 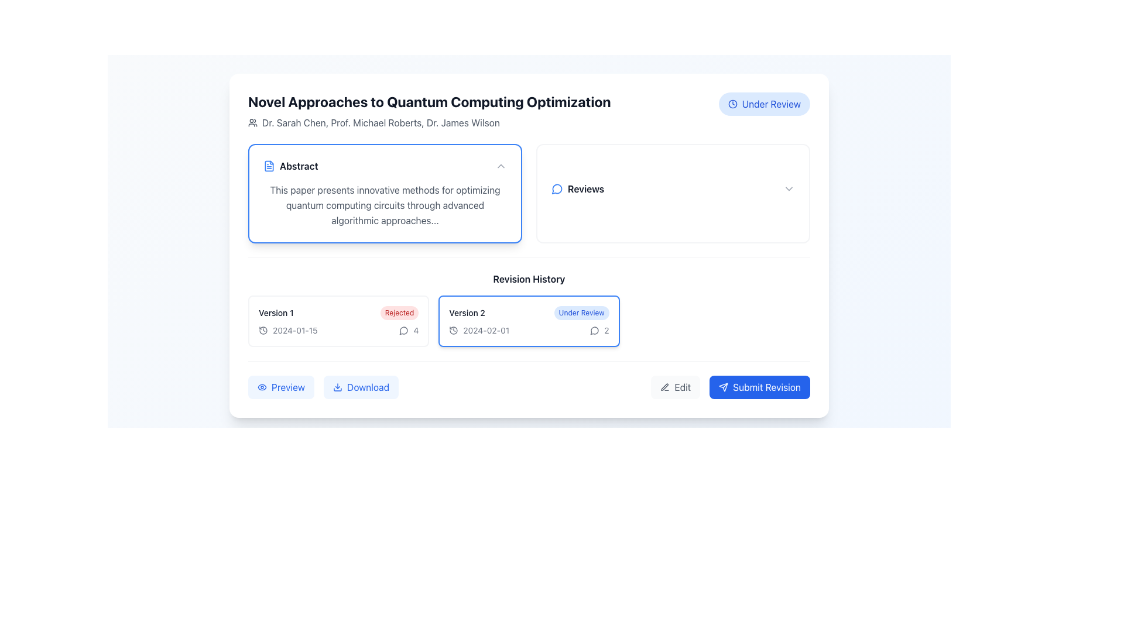 I want to click on the text label displaying 'Version 2' in the Revision History section, which is styled in dark gray and precedes 'Under Review', so click(x=467, y=312).